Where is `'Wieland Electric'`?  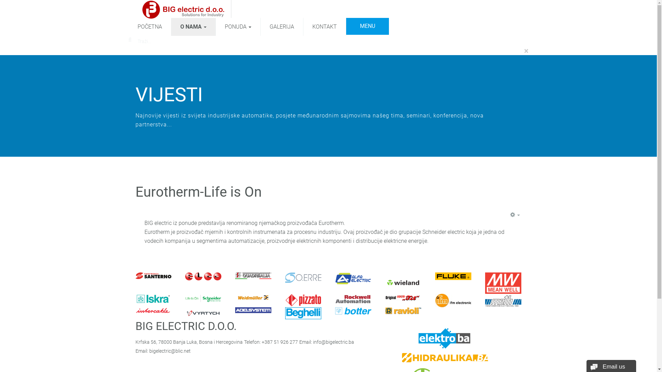
'Wieland Electric' is located at coordinates (385, 282).